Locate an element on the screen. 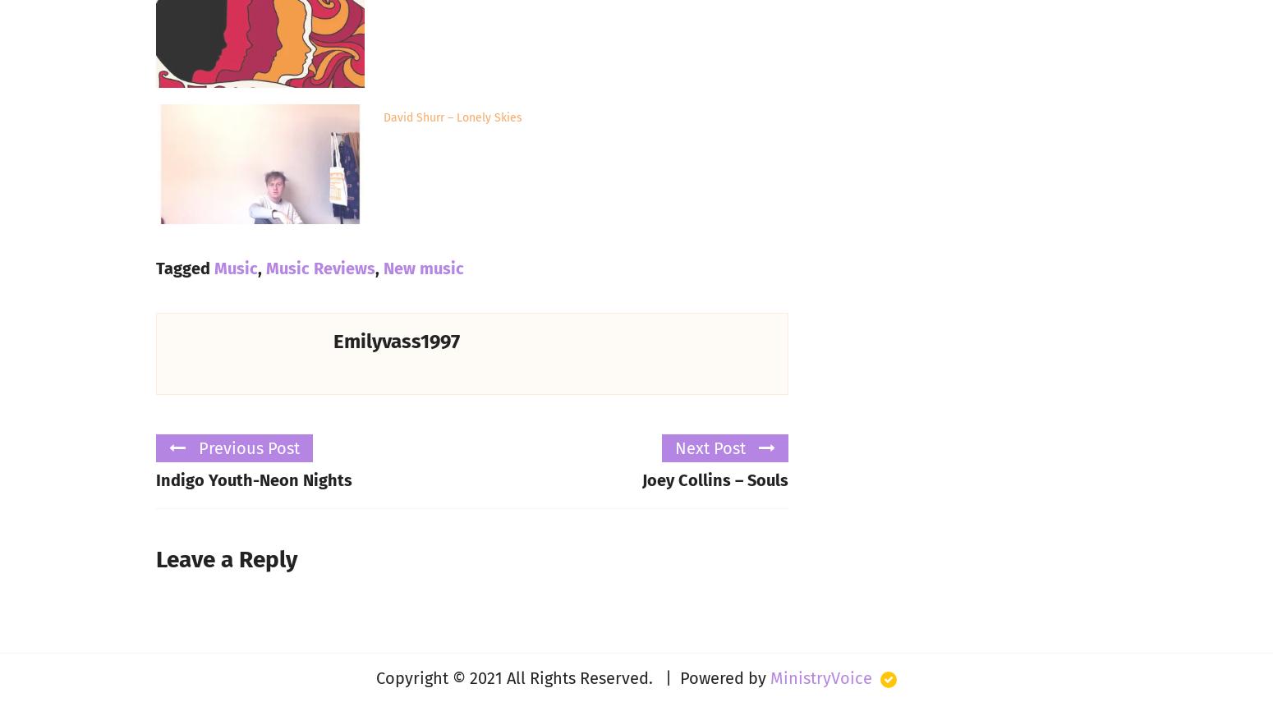 The height and width of the screenshot is (702, 1273). 'Music Reviews' is located at coordinates (320, 267).